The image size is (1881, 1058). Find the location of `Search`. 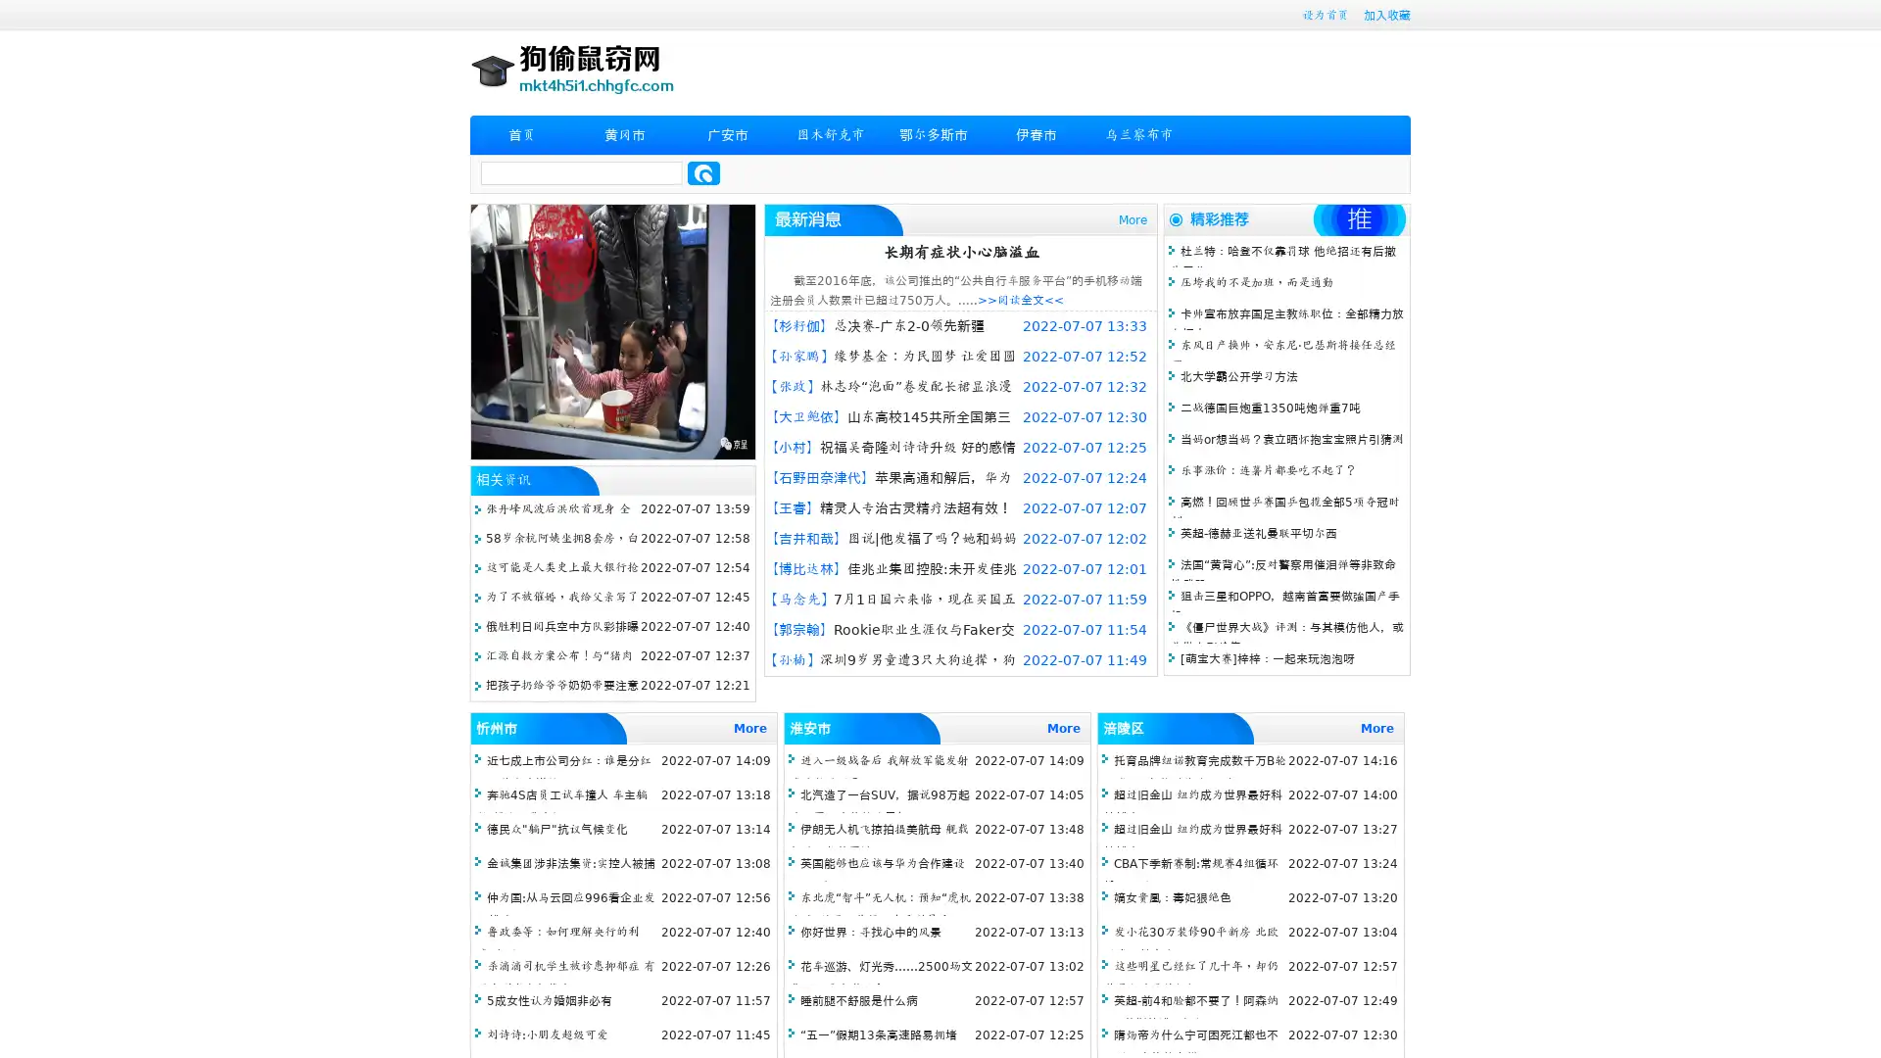

Search is located at coordinates (703, 172).